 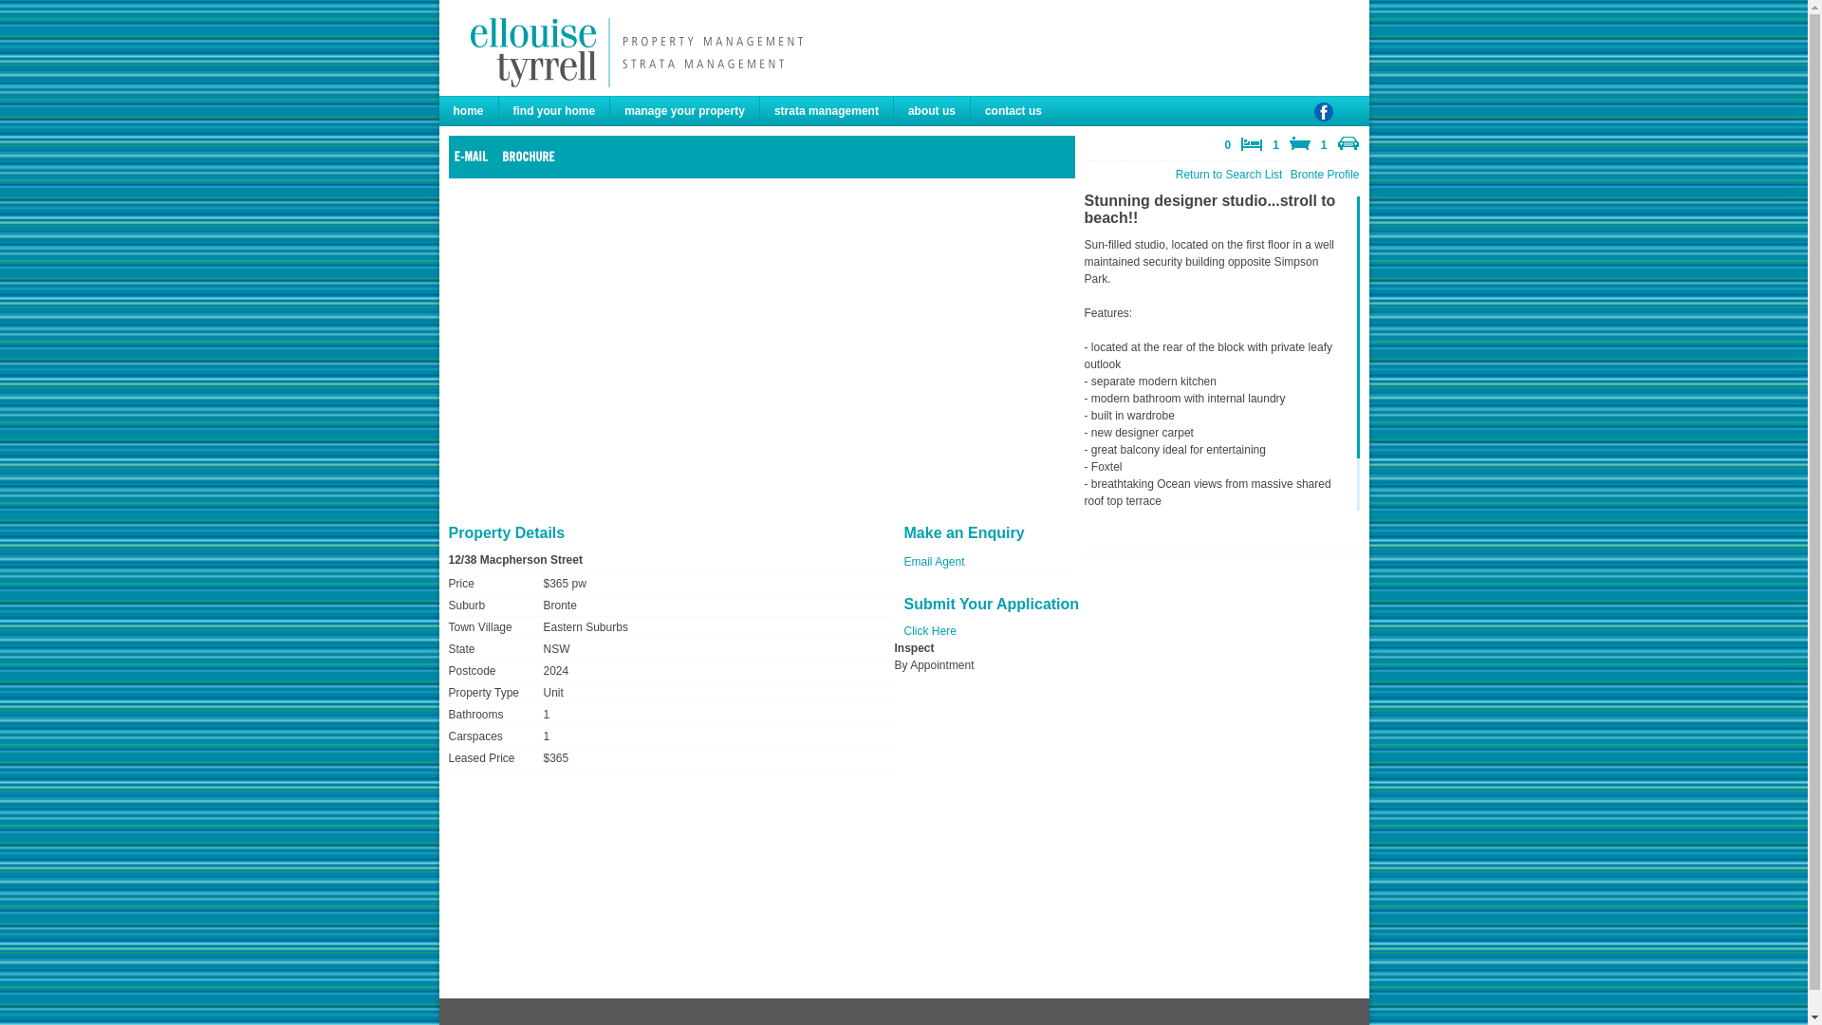 What do you see at coordinates (554, 110) in the screenshot?
I see `'find your home'` at bounding box center [554, 110].